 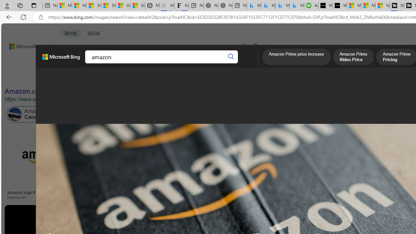 What do you see at coordinates (24, 45) in the screenshot?
I see `'Back to Bing search'` at bounding box center [24, 45].